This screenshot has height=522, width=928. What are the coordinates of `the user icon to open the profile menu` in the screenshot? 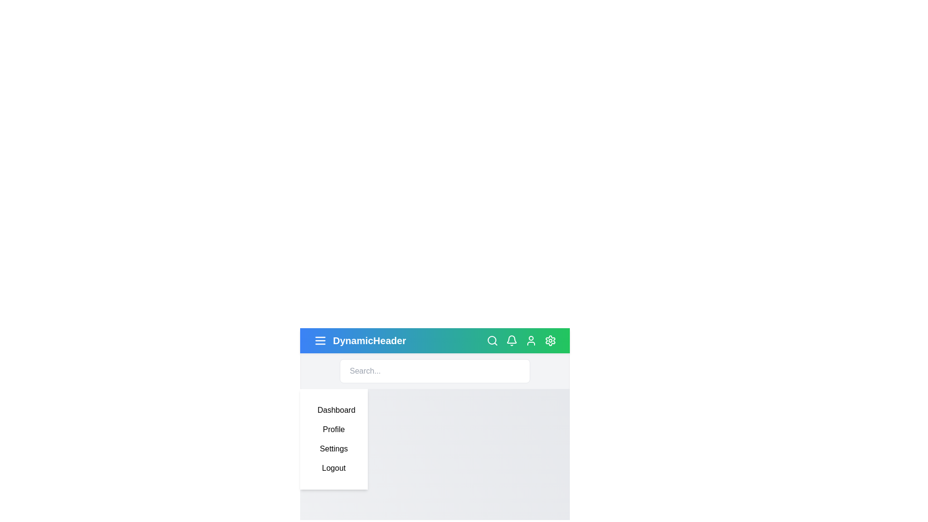 It's located at (531, 340).